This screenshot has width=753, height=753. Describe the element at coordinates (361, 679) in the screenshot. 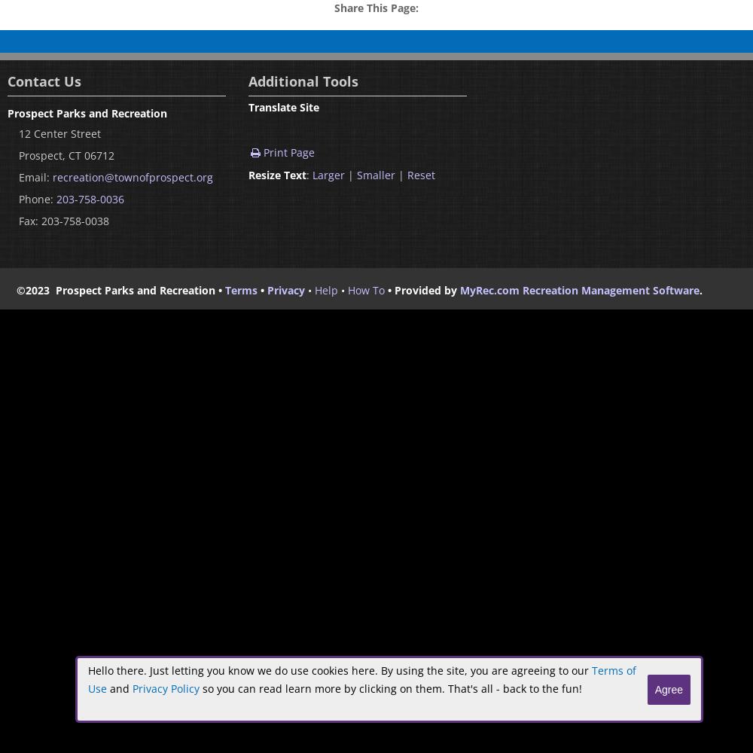

I see `'Terms of Use'` at that location.